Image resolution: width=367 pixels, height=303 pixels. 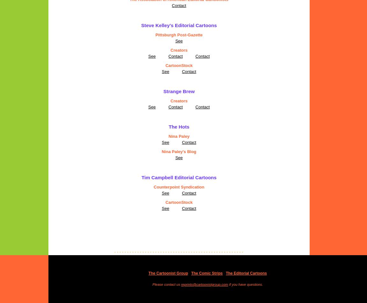 I want to click on 'Steve Kelley's Editorial Cartoons', so click(x=179, y=25).